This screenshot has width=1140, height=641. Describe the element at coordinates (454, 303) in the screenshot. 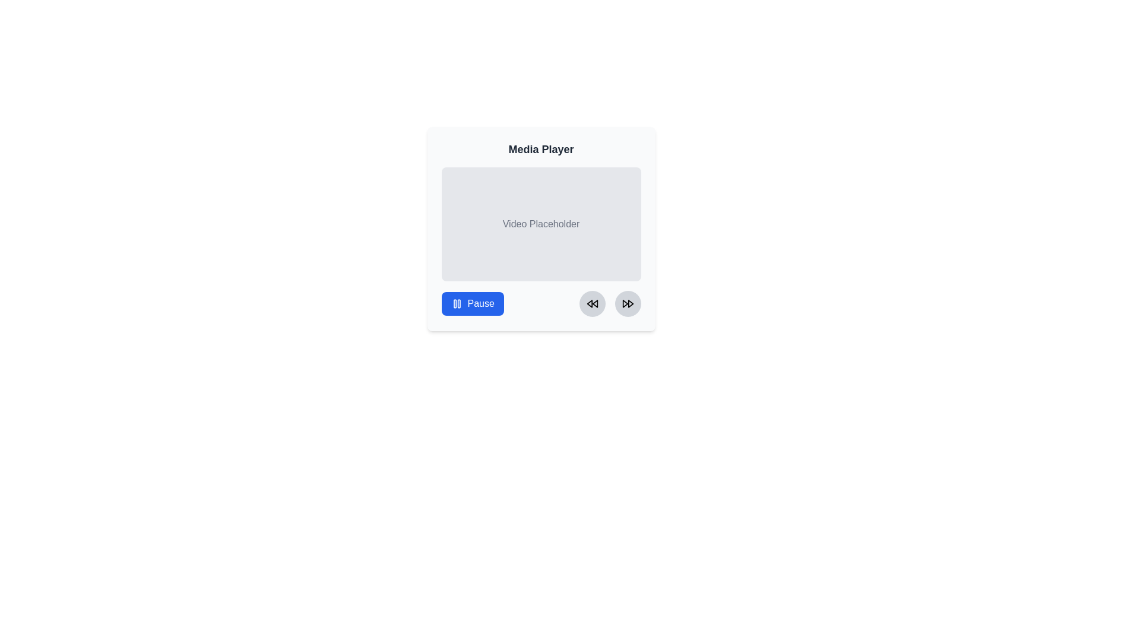

I see `the left vertical bar of the 'pause' icon in the media player controls, which is filled with a neutral color and has rounded corners` at that location.